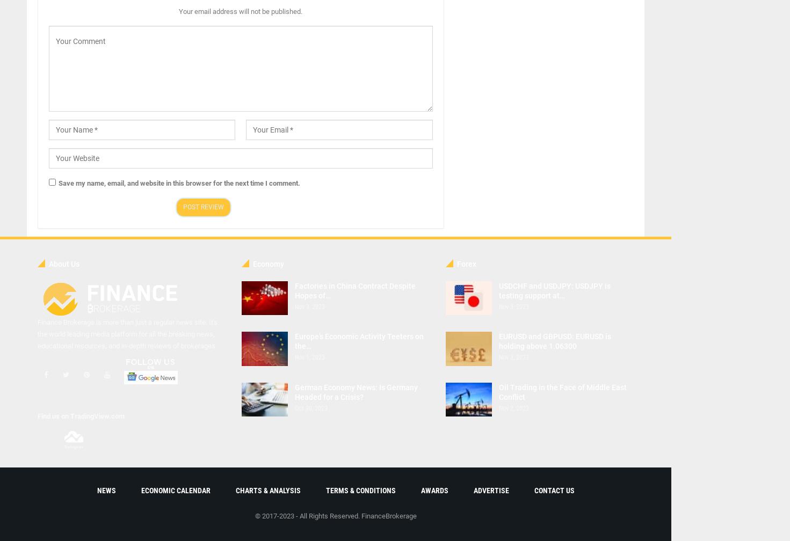  What do you see at coordinates (554, 290) in the screenshot?
I see `'USDCHF and USDJPY: USDJPY is testing support at…'` at bounding box center [554, 290].